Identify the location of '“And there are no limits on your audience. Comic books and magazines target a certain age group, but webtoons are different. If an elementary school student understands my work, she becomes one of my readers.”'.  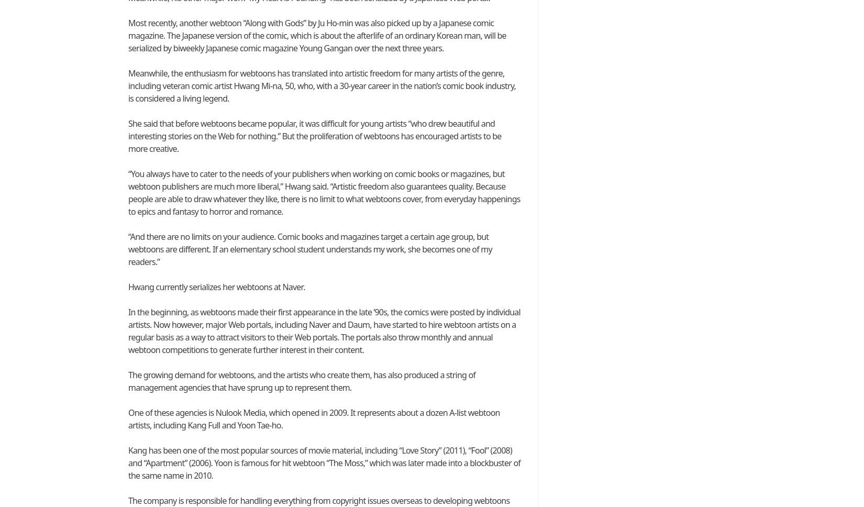
(128, 248).